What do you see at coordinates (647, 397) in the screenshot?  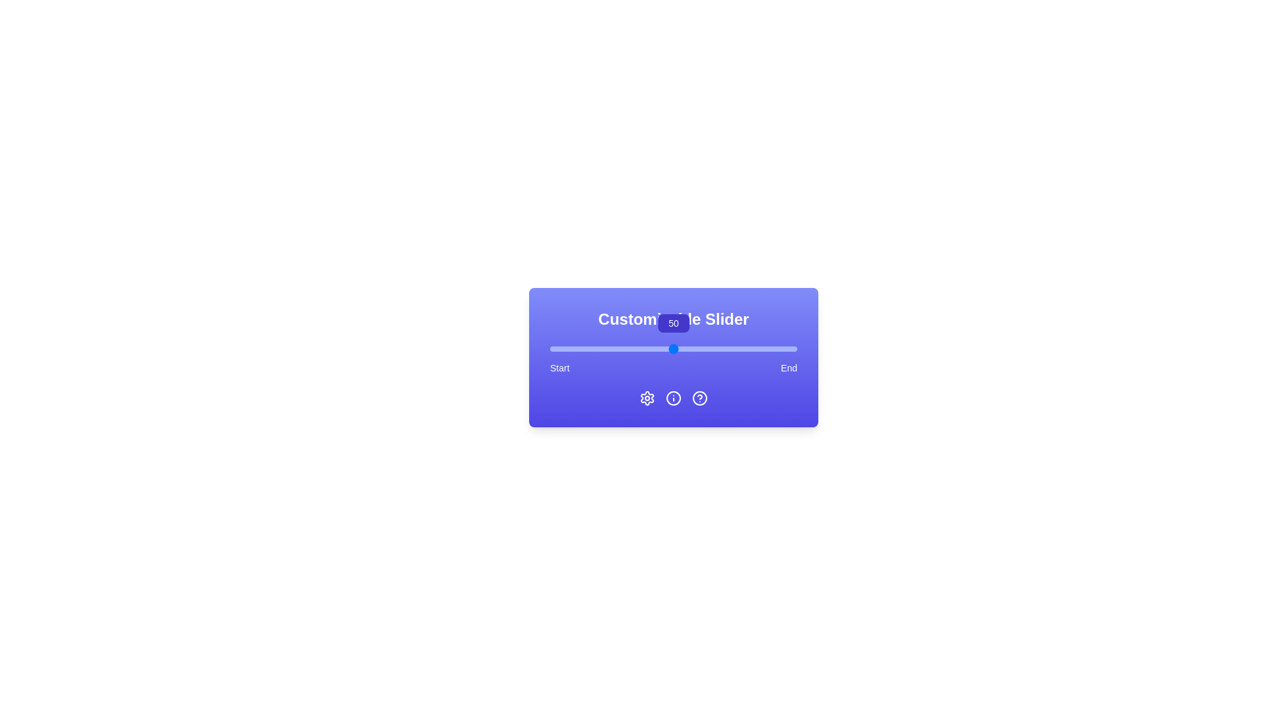 I see `the settings icon at the bottom left of the component` at bounding box center [647, 397].